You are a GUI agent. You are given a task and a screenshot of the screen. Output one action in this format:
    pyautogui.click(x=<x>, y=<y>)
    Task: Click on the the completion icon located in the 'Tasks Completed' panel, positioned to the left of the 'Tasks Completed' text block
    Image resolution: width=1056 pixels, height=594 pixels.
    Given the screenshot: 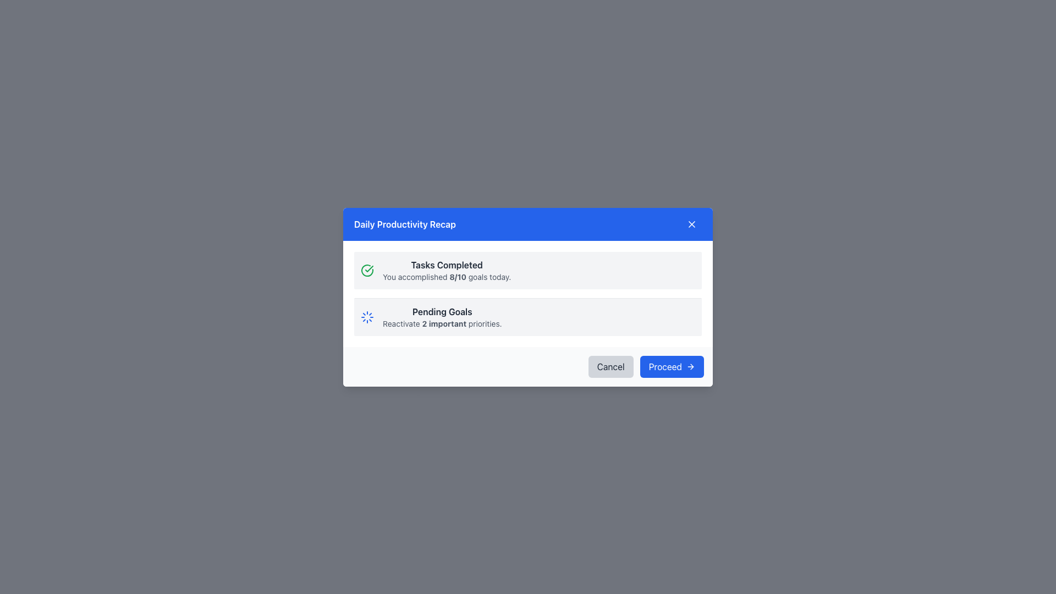 What is the action you would take?
    pyautogui.click(x=367, y=269)
    